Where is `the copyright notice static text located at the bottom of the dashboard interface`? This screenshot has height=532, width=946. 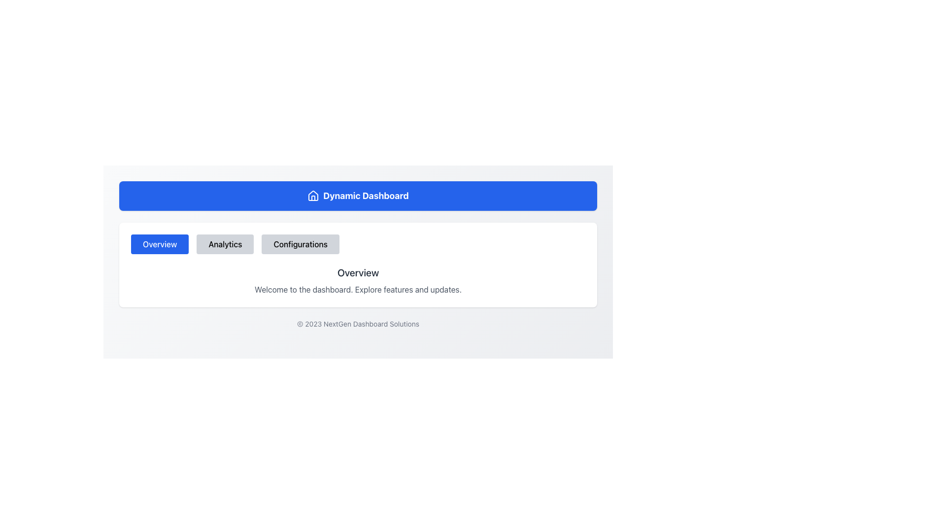 the copyright notice static text located at the bottom of the dashboard interface is located at coordinates (357, 324).